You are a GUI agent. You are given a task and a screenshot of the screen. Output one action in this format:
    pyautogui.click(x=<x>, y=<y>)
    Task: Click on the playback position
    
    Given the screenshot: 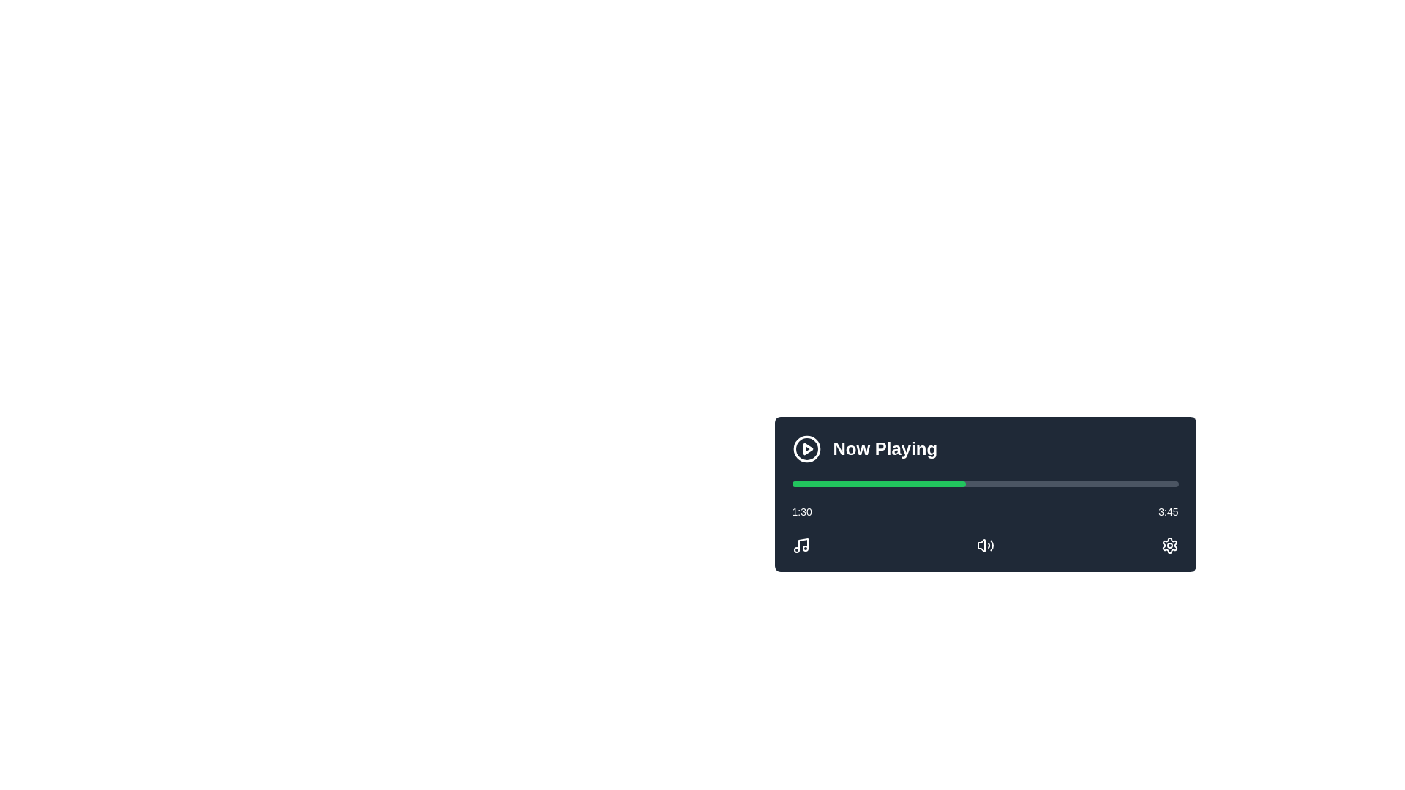 What is the action you would take?
    pyautogui.click(x=993, y=484)
    